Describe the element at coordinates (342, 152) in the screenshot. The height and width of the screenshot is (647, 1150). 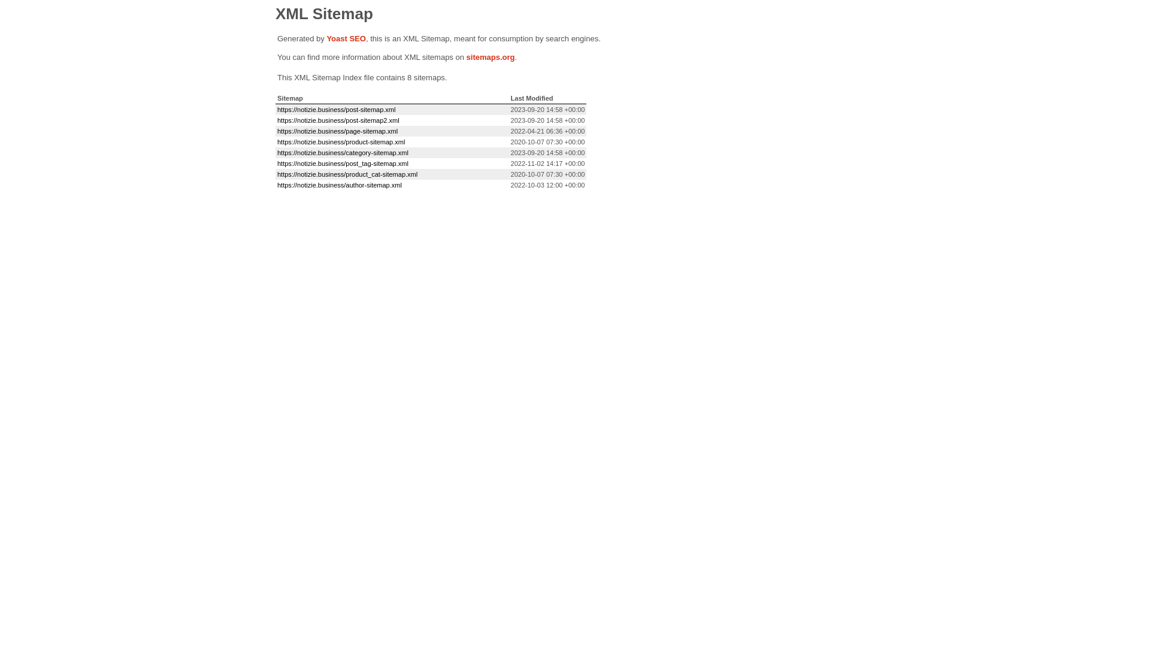
I see `'https://notizie.business/category-sitemap.xml'` at that location.